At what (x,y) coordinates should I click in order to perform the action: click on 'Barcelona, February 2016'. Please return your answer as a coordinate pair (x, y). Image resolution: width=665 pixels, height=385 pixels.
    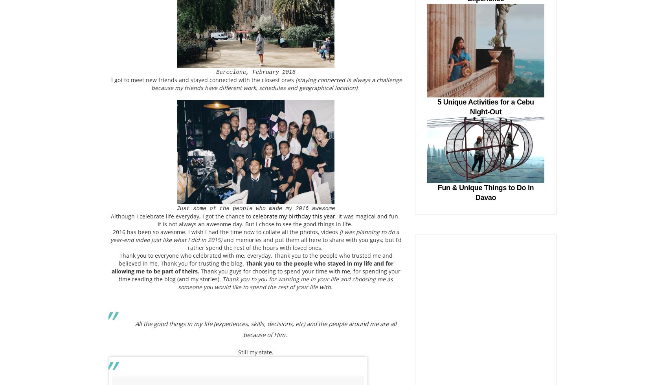
    Looking at the image, I should click on (255, 71).